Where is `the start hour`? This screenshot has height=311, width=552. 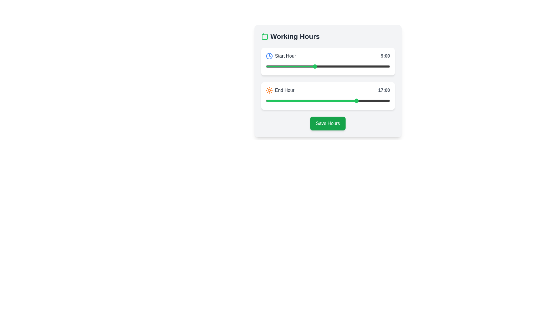 the start hour is located at coordinates (341, 66).